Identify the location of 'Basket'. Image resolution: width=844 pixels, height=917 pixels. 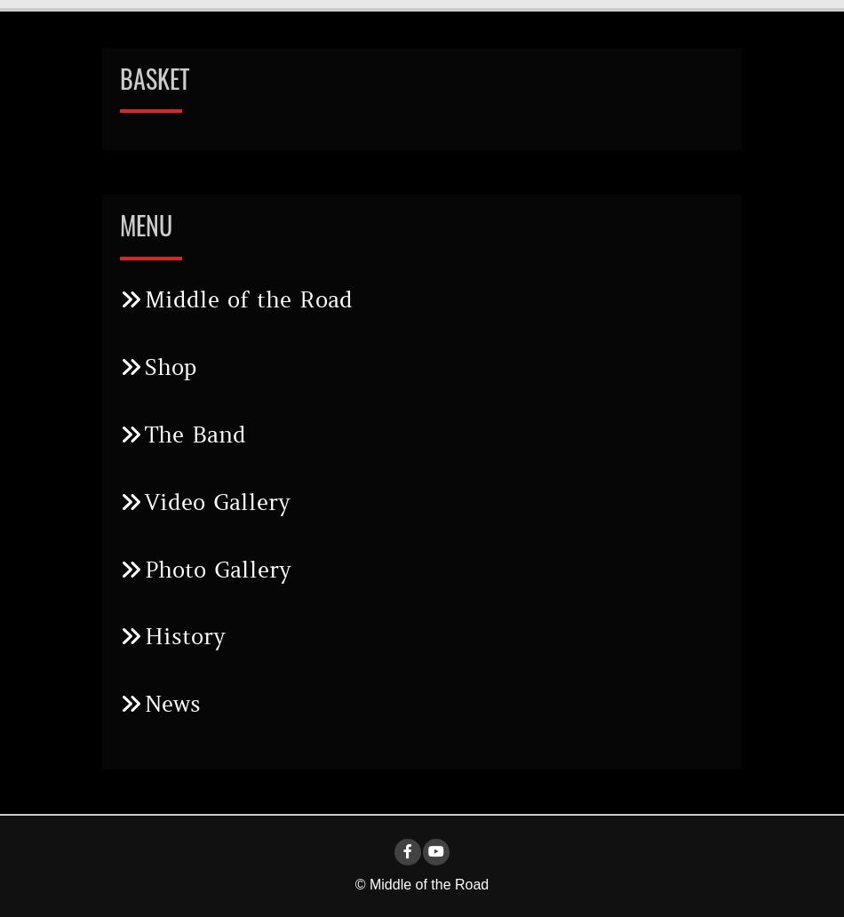
(155, 77).